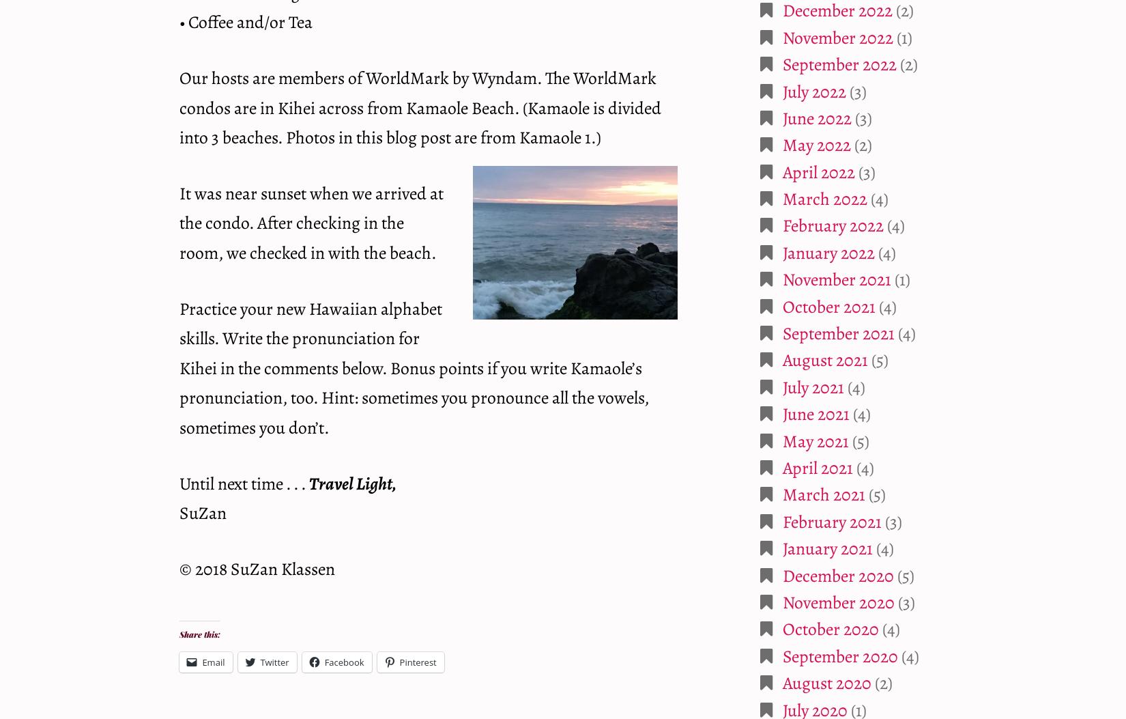  Describe the element at coordinates (815, 440) in the screenshot. I see `'May 2021'` at that location.